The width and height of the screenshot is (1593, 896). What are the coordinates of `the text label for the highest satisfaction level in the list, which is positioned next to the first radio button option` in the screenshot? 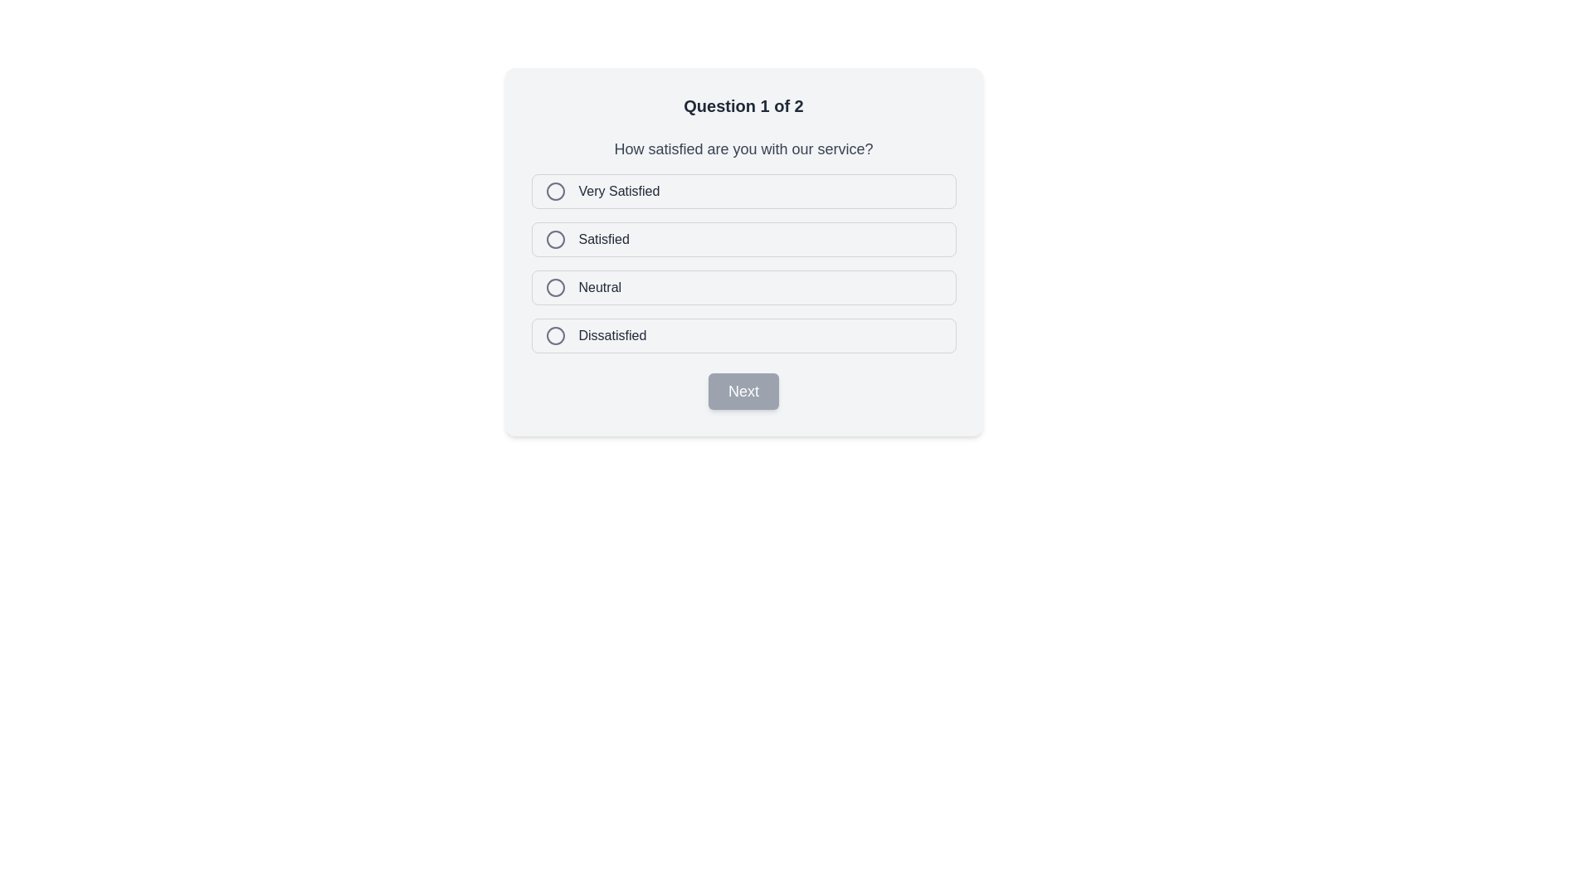 It's located at (618, 191).